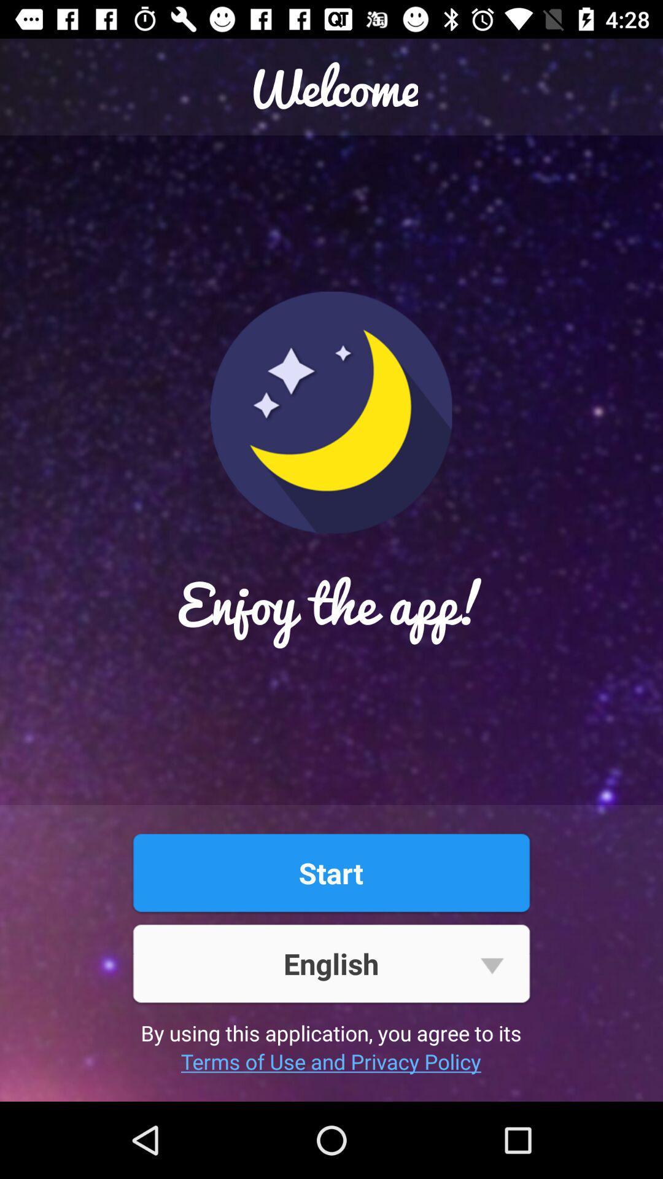  What do you see at coordinates (330, 872) in the screenshot?
I see `the start icon` at bounding box center [330, 872].